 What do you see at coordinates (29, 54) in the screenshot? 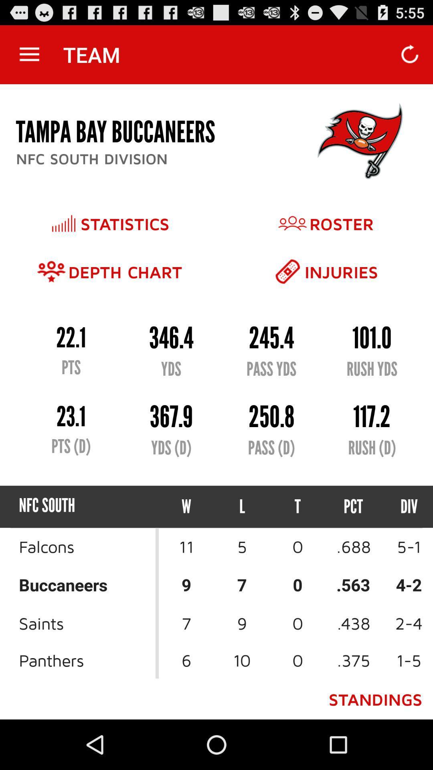
I see `the app next to the team` at bounding box center [29, 54].